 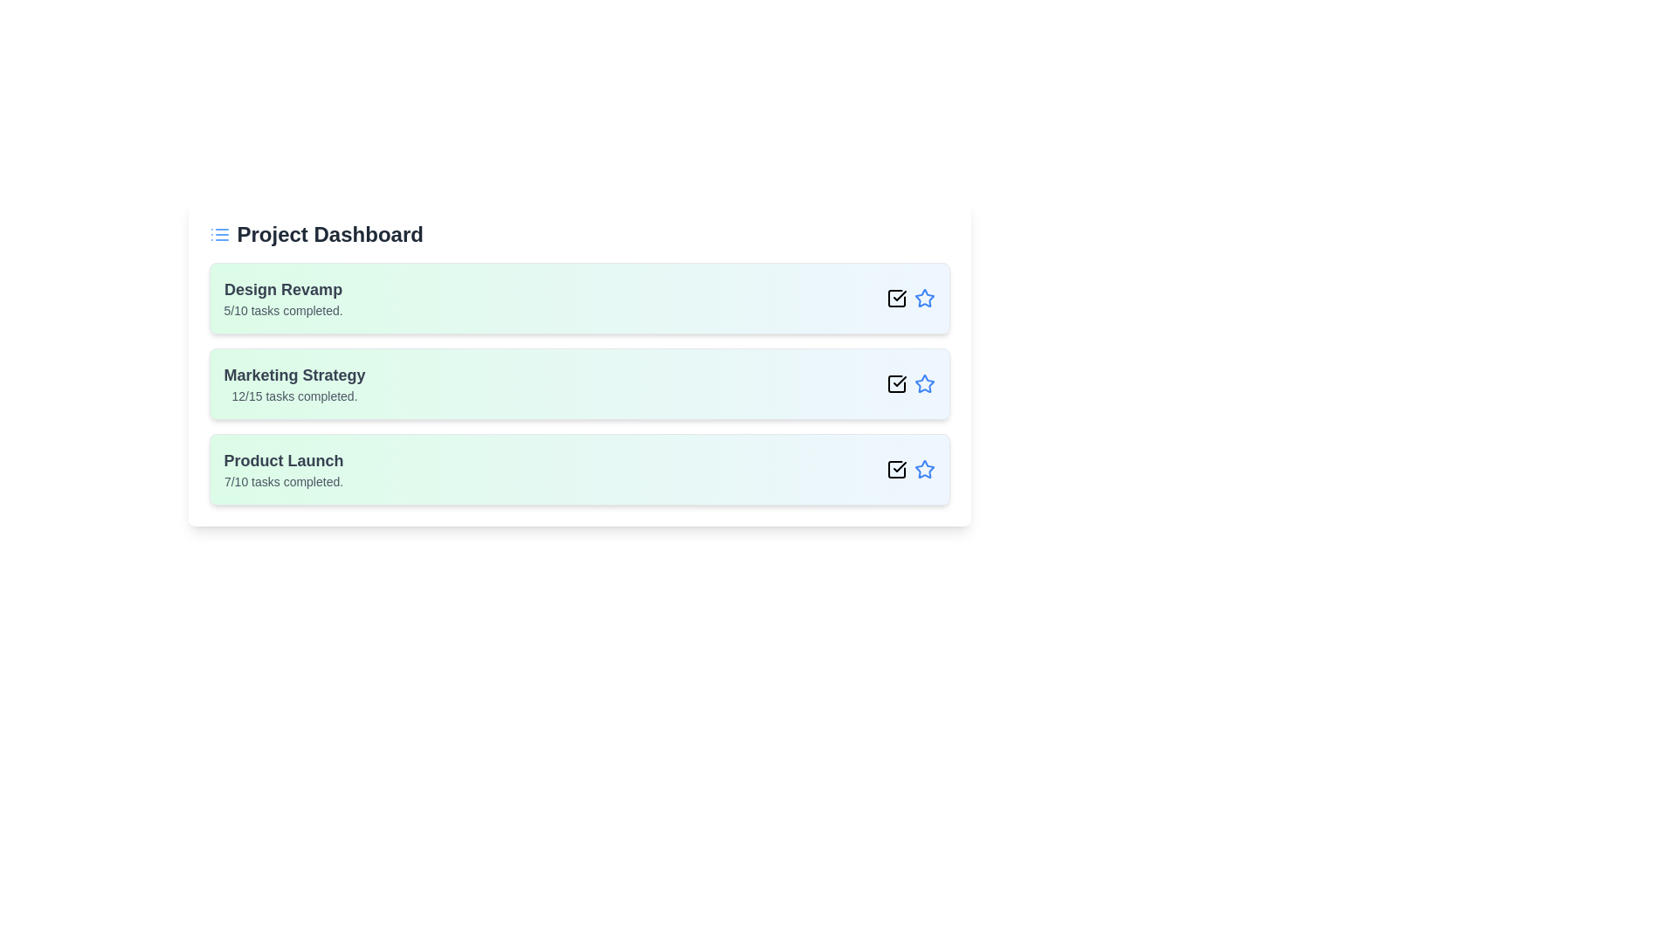 What do you see at coordinates (922, 298) in the screenshot?
I see `the star icon next to the project to mark it as important` at bounding box center [922, 298].